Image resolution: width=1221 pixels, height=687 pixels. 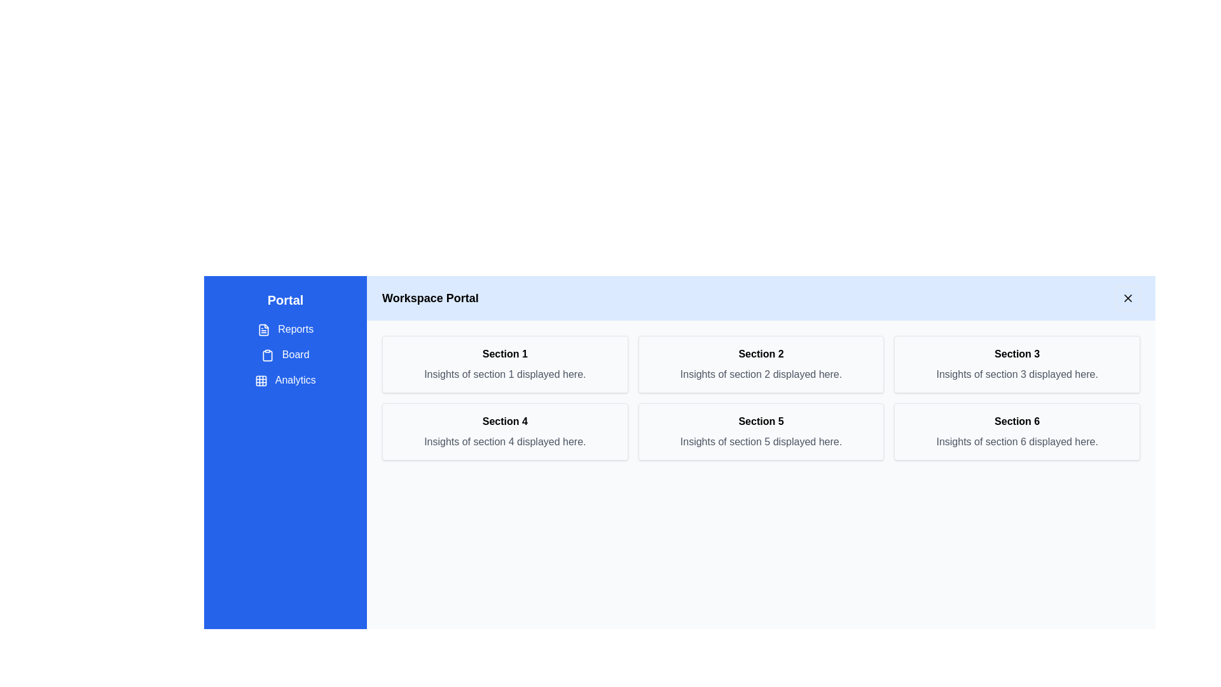 What do you see at coordinates (285, 328) in the screenshot?
I see `the 'Reports' navigation button located in the left sidebar, which is the first button under the 'Portal' header, to observe the hover effect` at bounding box center [285, 328].